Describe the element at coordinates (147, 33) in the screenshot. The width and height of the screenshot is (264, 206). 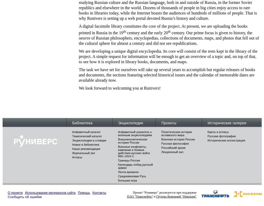
I see `'century and the early 20'` at that location.